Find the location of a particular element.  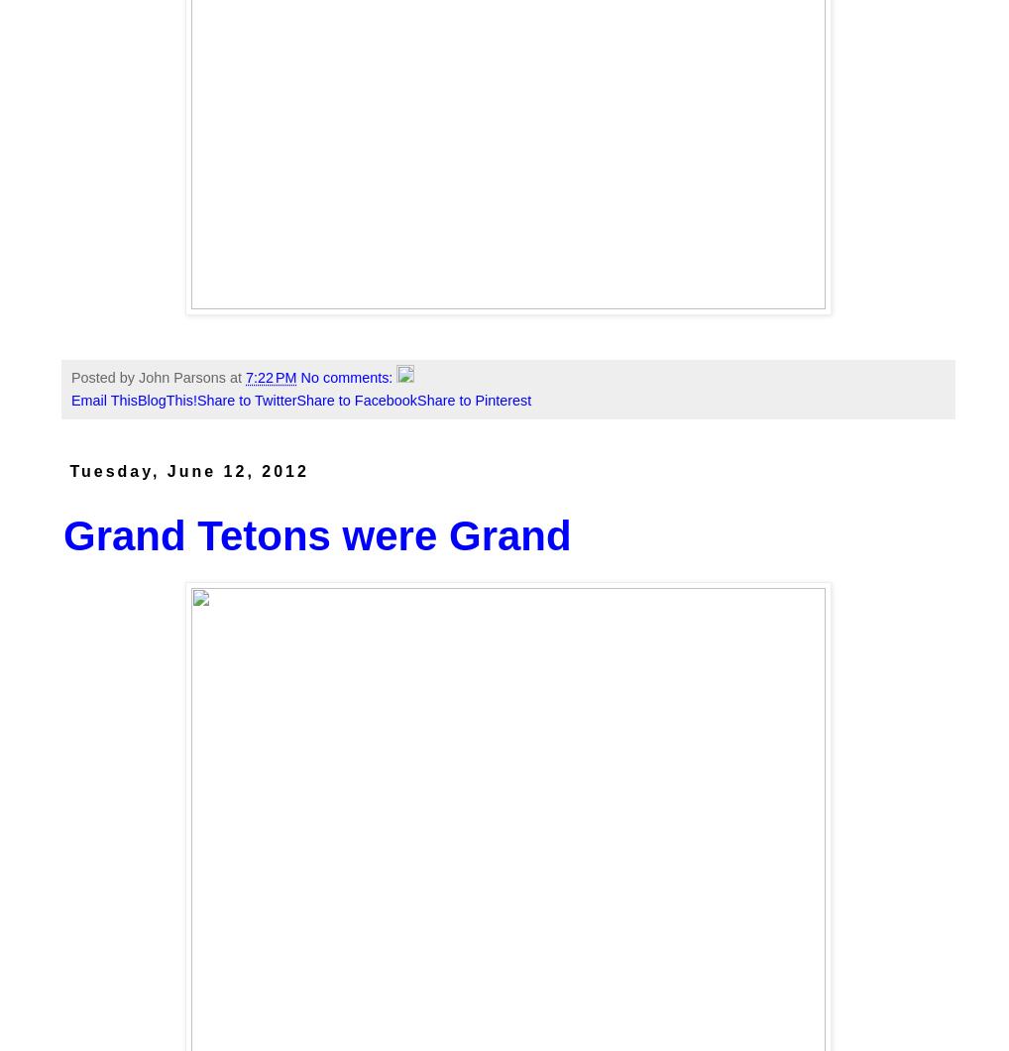

'at' is located at coordinates (229, 377).